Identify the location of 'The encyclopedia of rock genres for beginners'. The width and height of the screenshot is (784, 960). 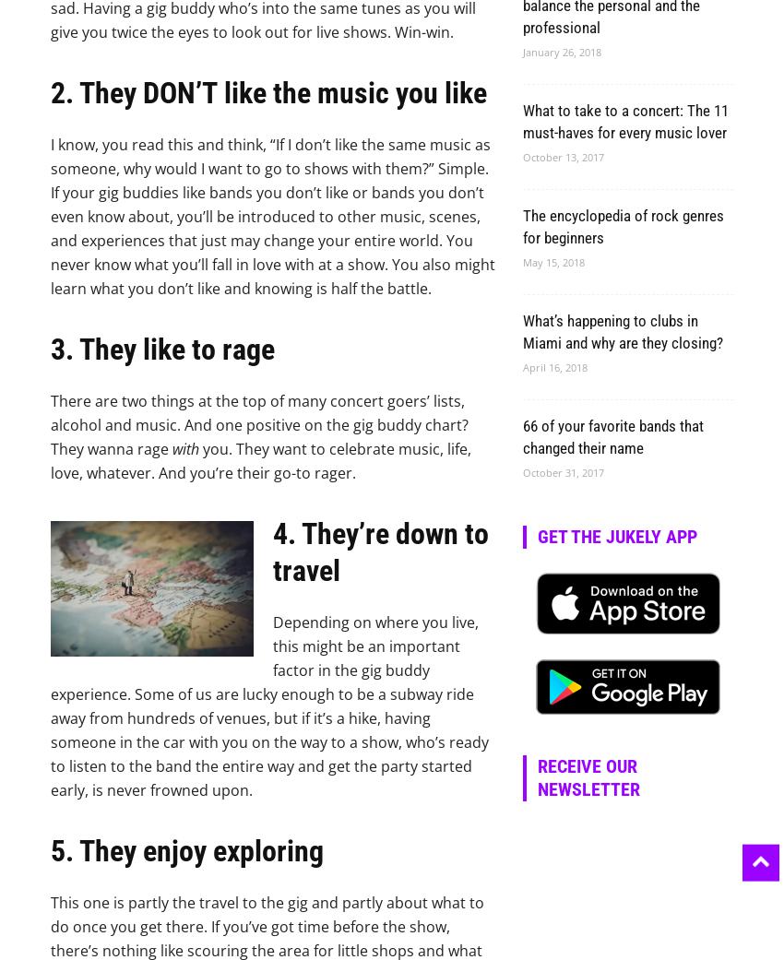
(523, 225).